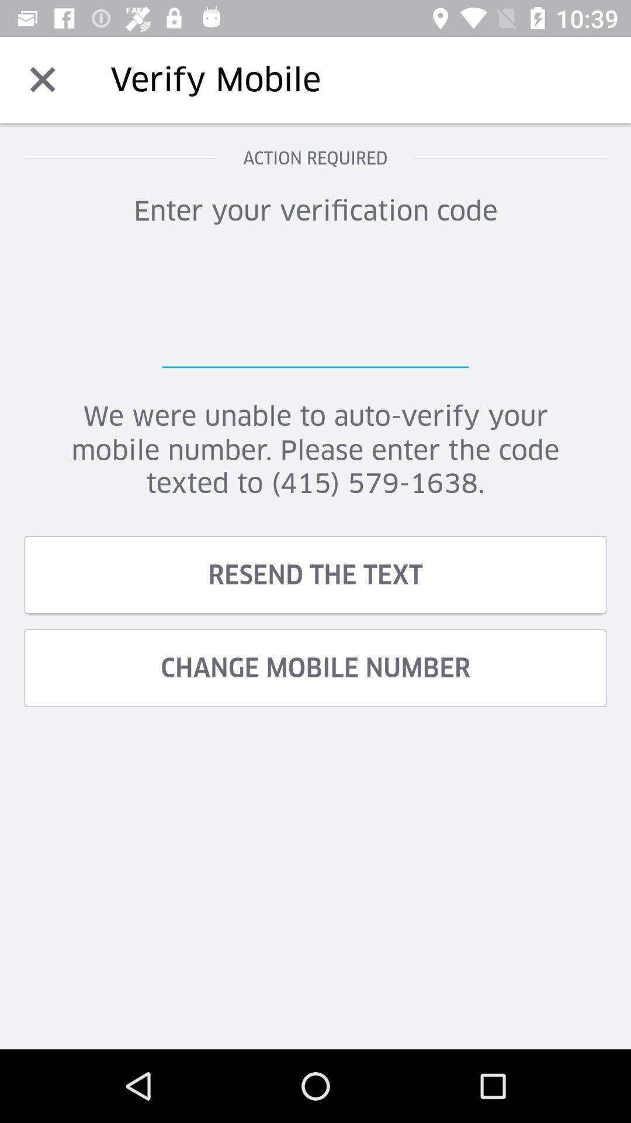  What do you see at coordinates (315, 309) in the screenshot?
I see `the item below enter your verification item` at bounding box center [315, 309].